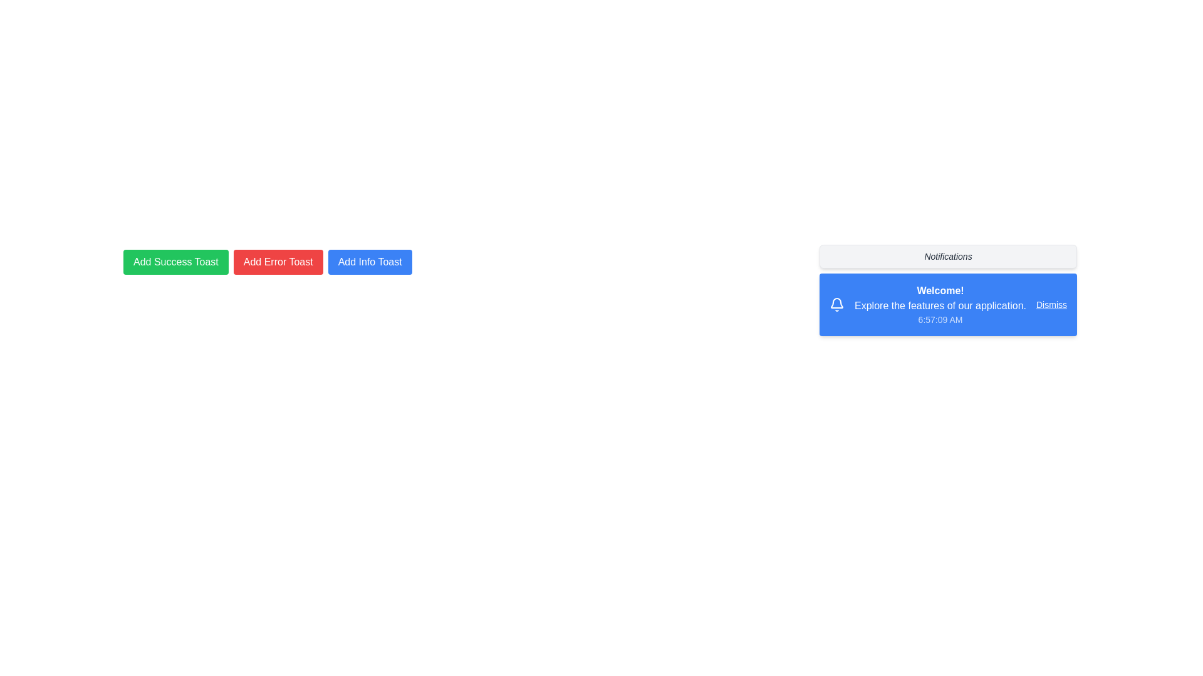 This screenshot has width=1203, height=676. I want to click on the Toast notification that displays a welcome message, featuring the text 'Welcome!' and 'Explore the features of our application.', so click(948, 304).